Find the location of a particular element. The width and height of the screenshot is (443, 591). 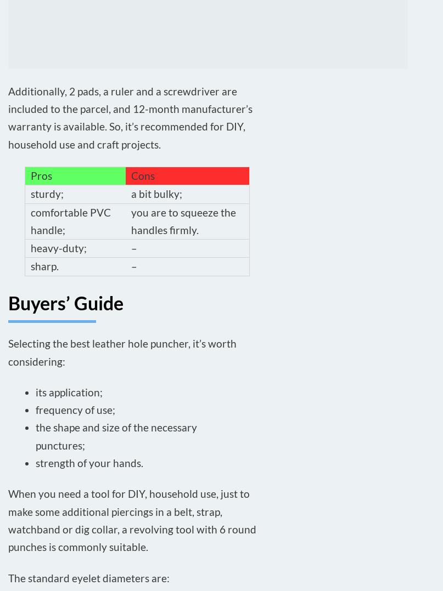

'sturdy;' is located at coordinates (31, 194).